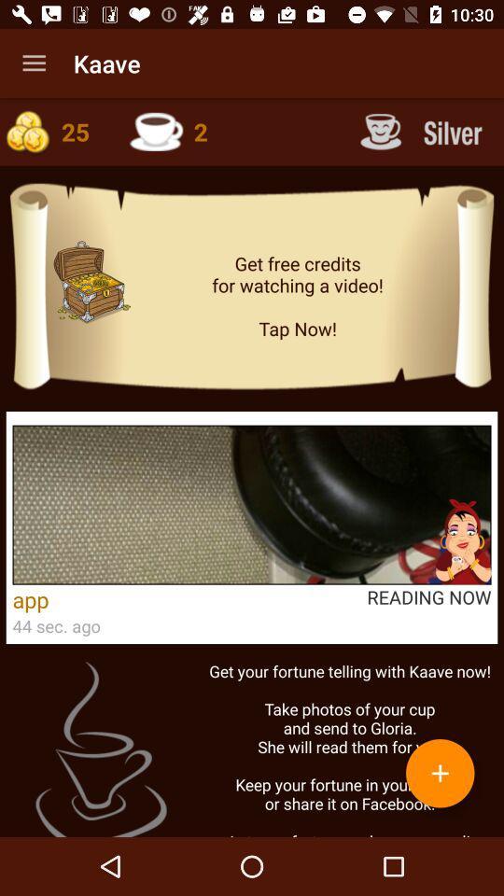  I want to click on the item above the get free credits item, so click(424, 131).